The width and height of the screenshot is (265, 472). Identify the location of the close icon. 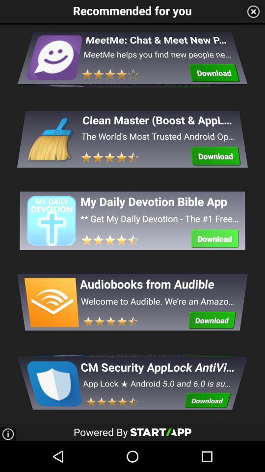
(253, 12).